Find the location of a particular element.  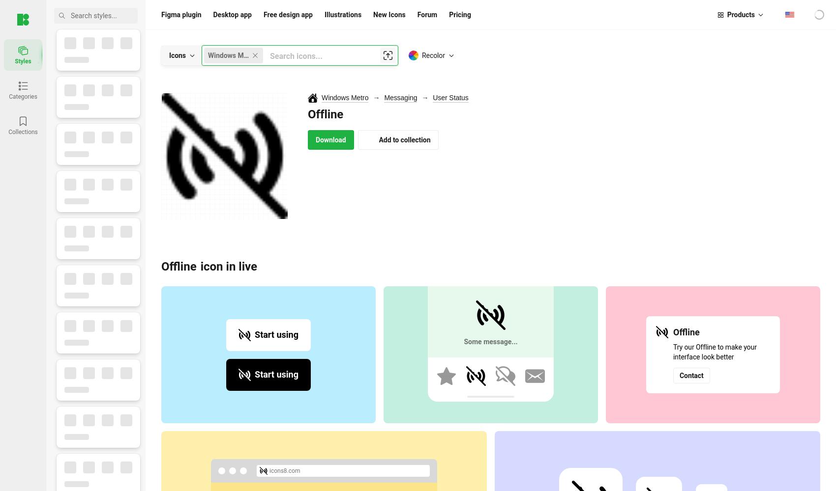

'Free design app' is located at coordinates (287, 15).